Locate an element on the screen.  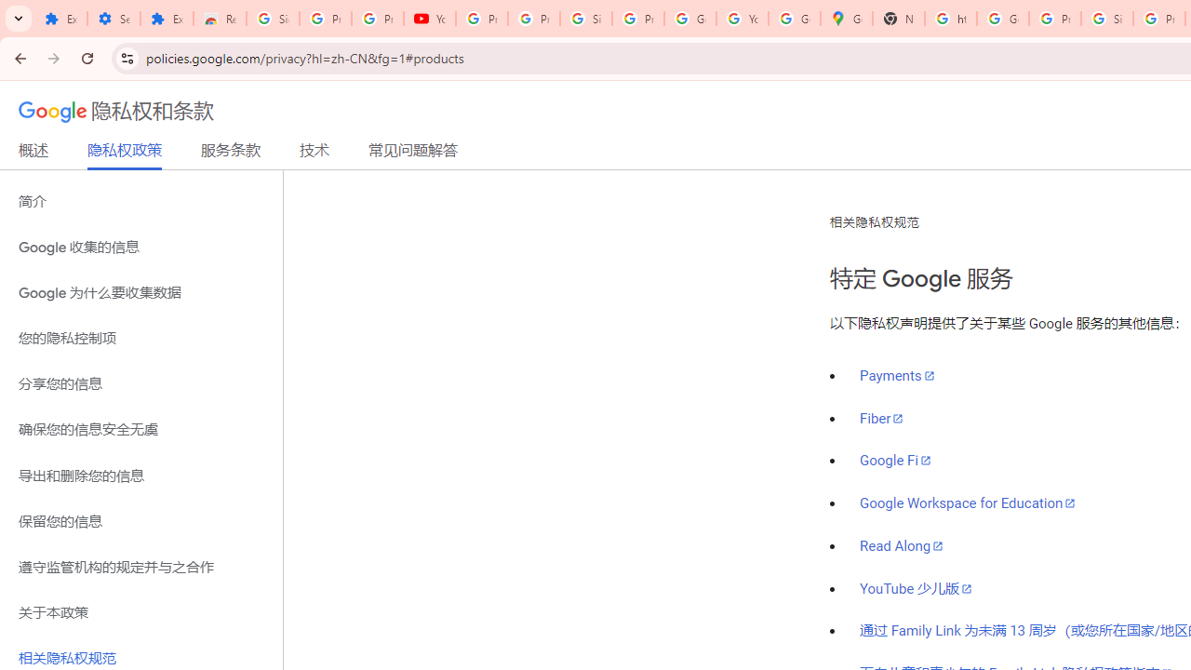
'Reviews: Helix Fruit Jump Arcade Game' is located at coordinates (220, 19).